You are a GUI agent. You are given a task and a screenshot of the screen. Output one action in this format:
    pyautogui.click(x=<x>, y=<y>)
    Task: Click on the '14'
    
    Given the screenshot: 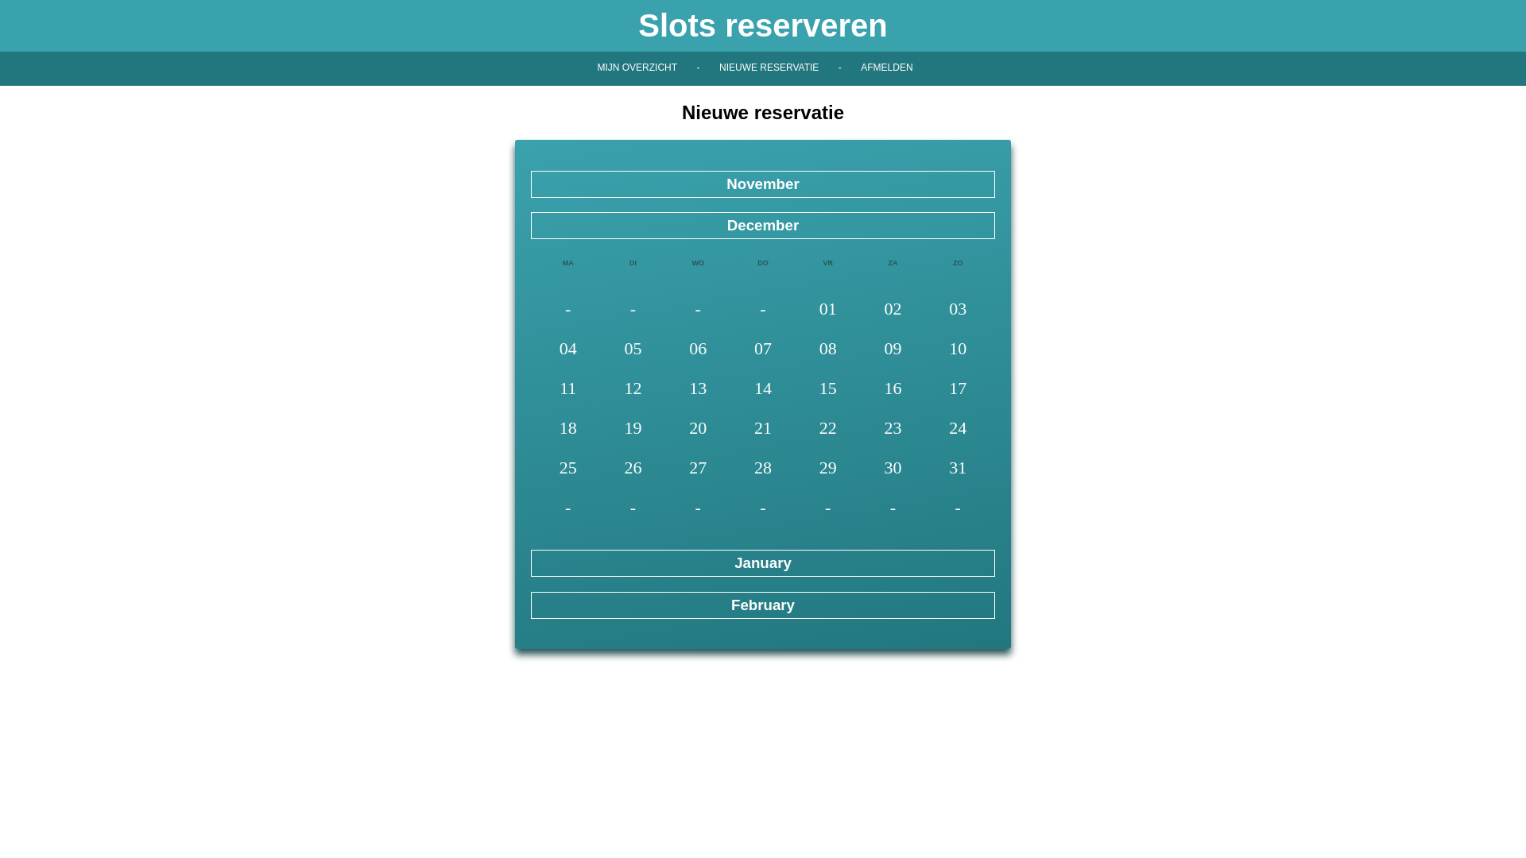 What is the action you would take?
    pyautogui.click(x=763, y=389)
    